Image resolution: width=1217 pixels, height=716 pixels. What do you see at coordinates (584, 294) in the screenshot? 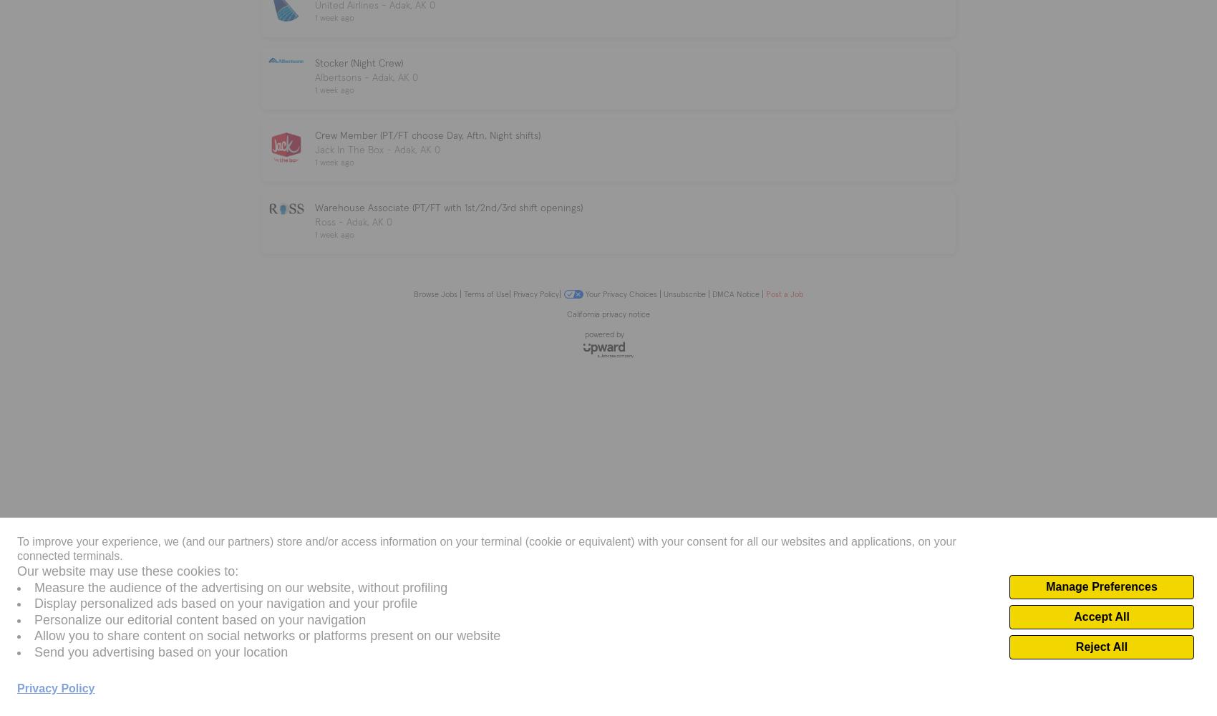
I see `'Your Privacy Choices'` at bounding box center [584, 294].